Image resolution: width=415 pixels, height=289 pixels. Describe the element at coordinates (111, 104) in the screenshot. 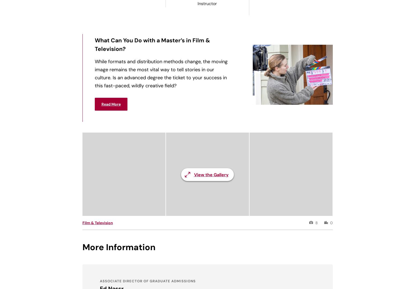

I see `'Read More'` at that location.